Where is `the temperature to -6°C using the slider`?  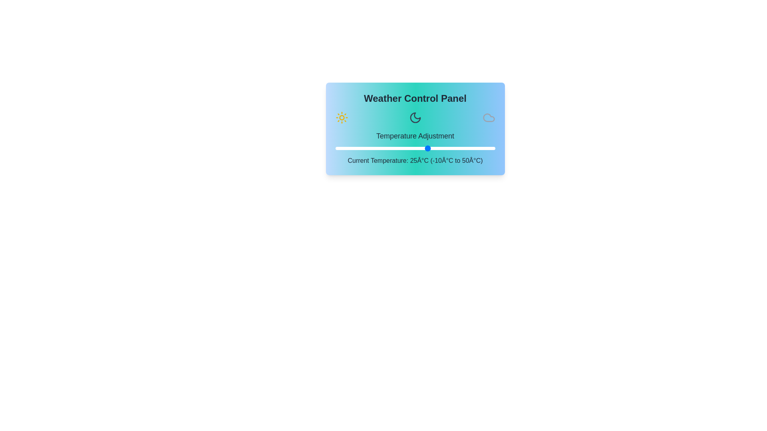 the temperature to -6°C using the slider is located at coordinates (346, 148).